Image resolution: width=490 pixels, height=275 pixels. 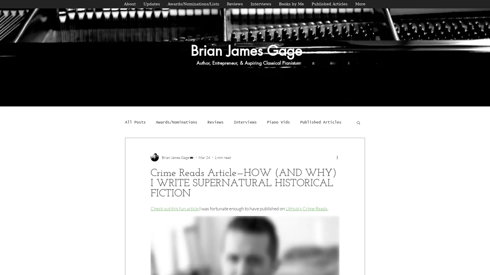 What do you see at coordinates (358, 123) in the screenshot?
I see `Search` at bounding box center [358, 123].